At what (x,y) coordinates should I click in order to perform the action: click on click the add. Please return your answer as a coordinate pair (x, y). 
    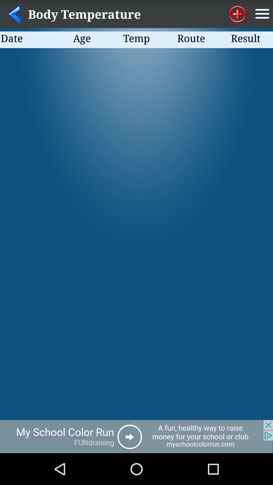
    Looking at the image, I should click on (136, 436).